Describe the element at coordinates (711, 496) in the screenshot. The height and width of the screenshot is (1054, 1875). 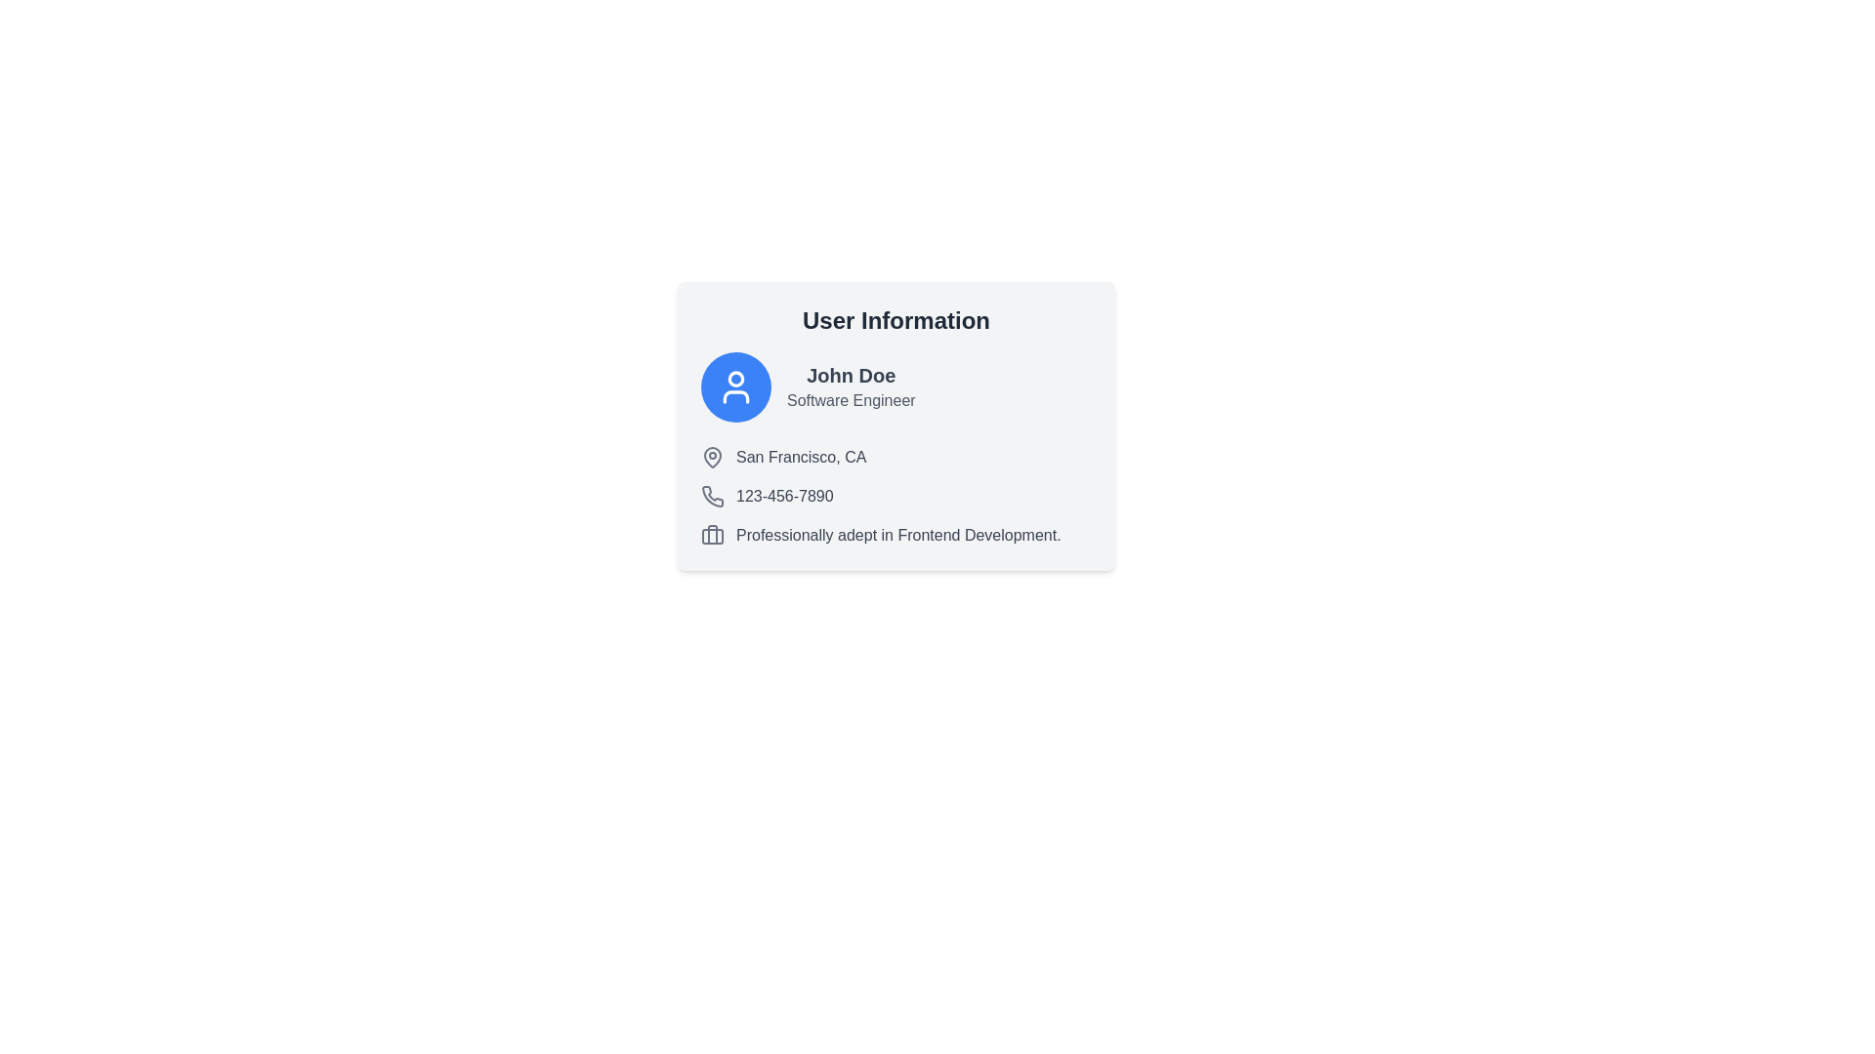
I see `the phone number icon located in the user information card interface, which is the third icon next to the phone number '123-456-7890.'` at that location.